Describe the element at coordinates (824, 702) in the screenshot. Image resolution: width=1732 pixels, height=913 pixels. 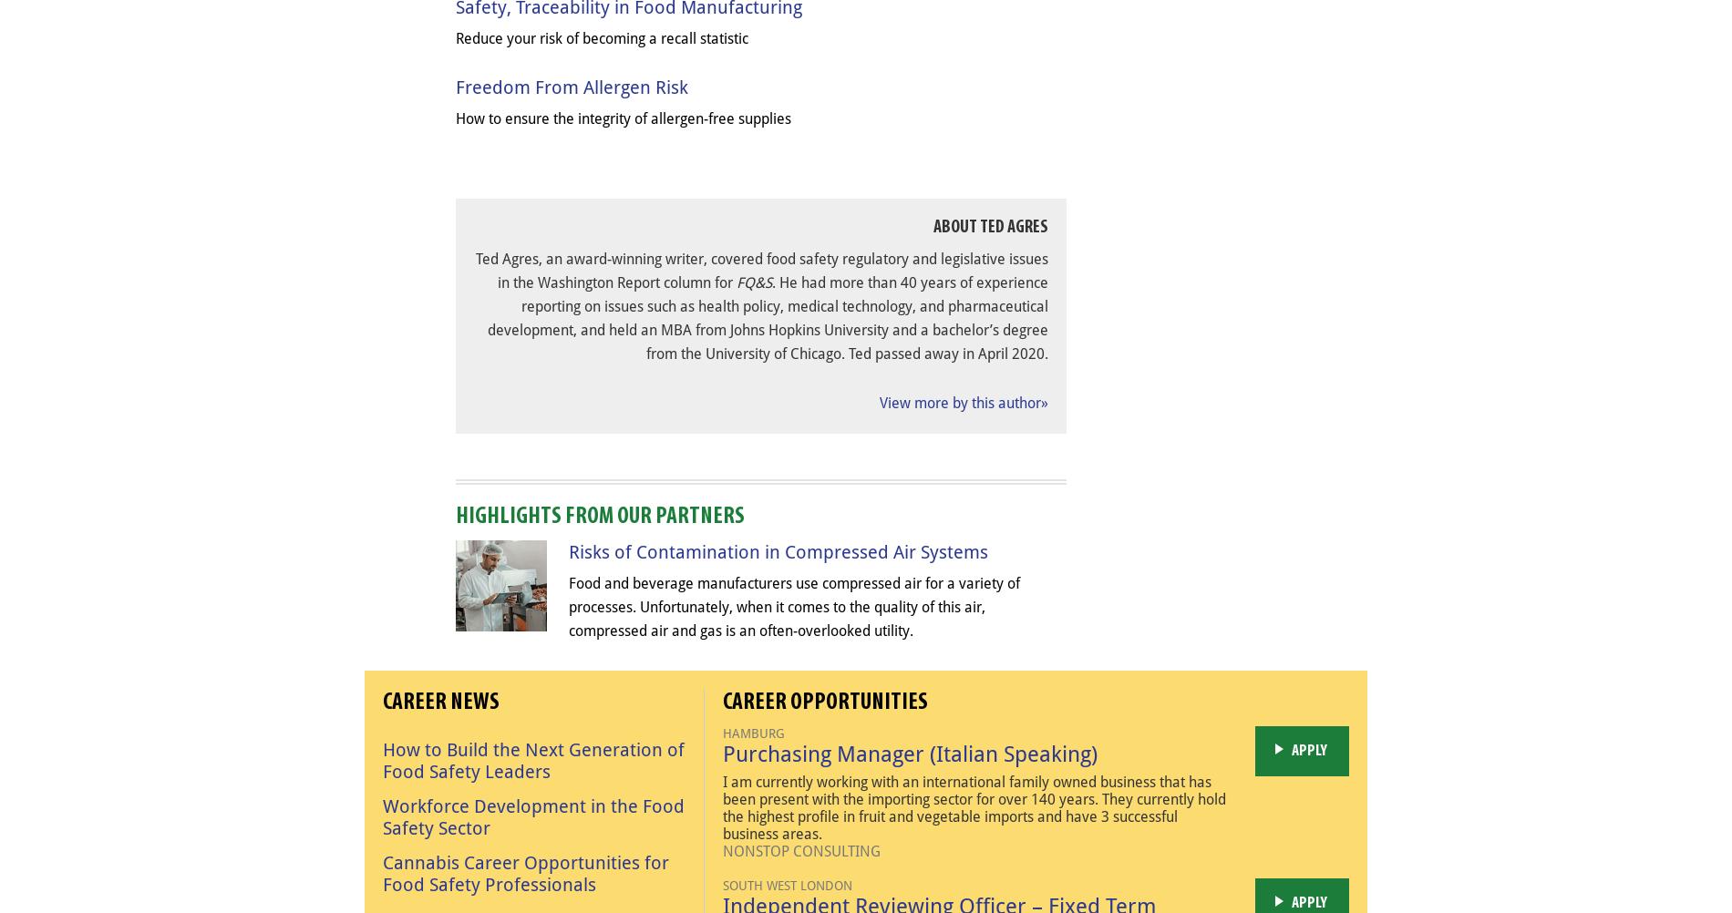
I see `'Career Opportunities'` at that location.